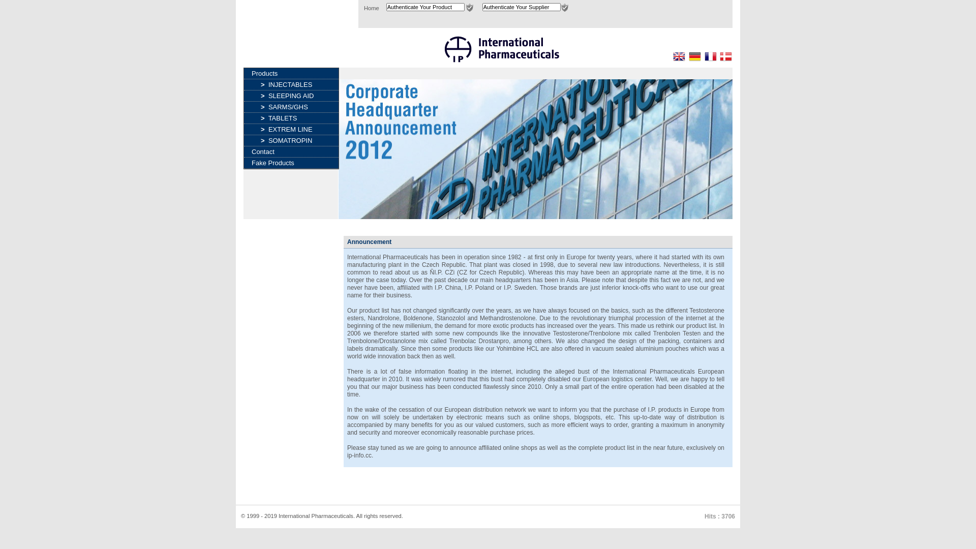 The height and width of the screenshot is (549, 976). I want to click on 'German', so click(694, 56).